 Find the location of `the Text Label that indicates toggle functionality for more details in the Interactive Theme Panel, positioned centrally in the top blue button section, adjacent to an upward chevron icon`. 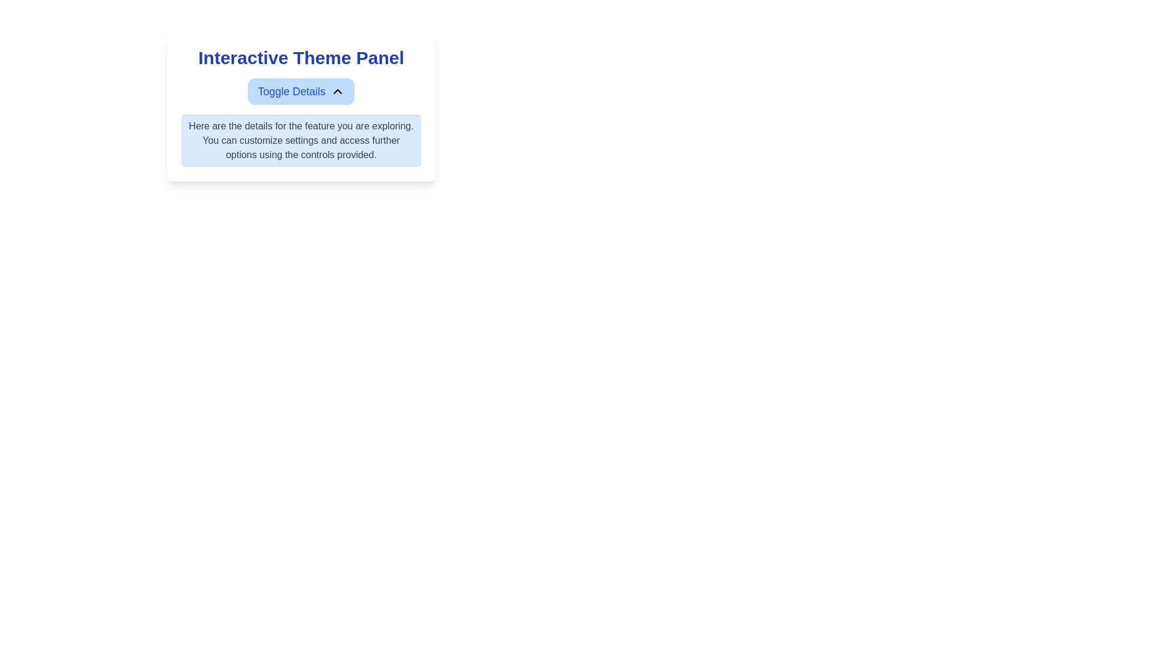

the Text Label that indicates toggle functionality for more details in the Interactive Theme Panel, positioned centrally in the top blue button section, adjacent to an upward chevron icon is located at coordinates (291, 91).